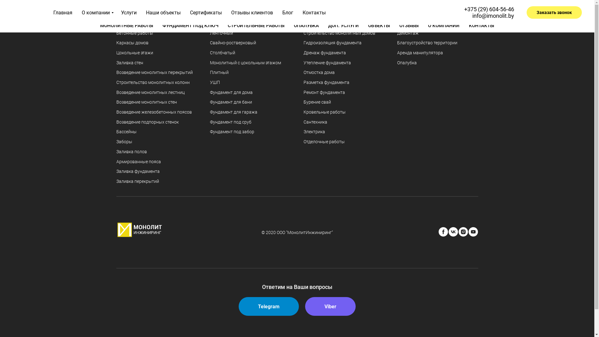 The image size is (599, 337). I want to click on '+375 (29) 604-56-46', so click(489, 6).